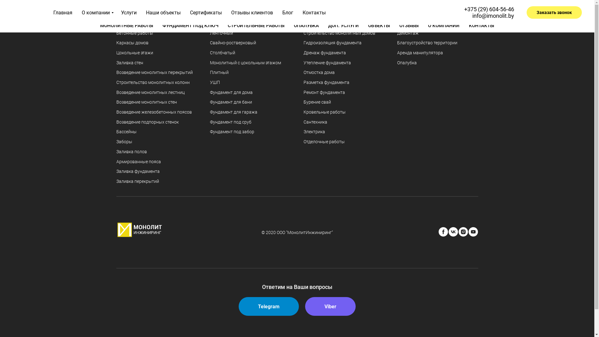 The image size is (599, 337). I want to click on '+375 (29) 604-56-46', so click(489, 6).